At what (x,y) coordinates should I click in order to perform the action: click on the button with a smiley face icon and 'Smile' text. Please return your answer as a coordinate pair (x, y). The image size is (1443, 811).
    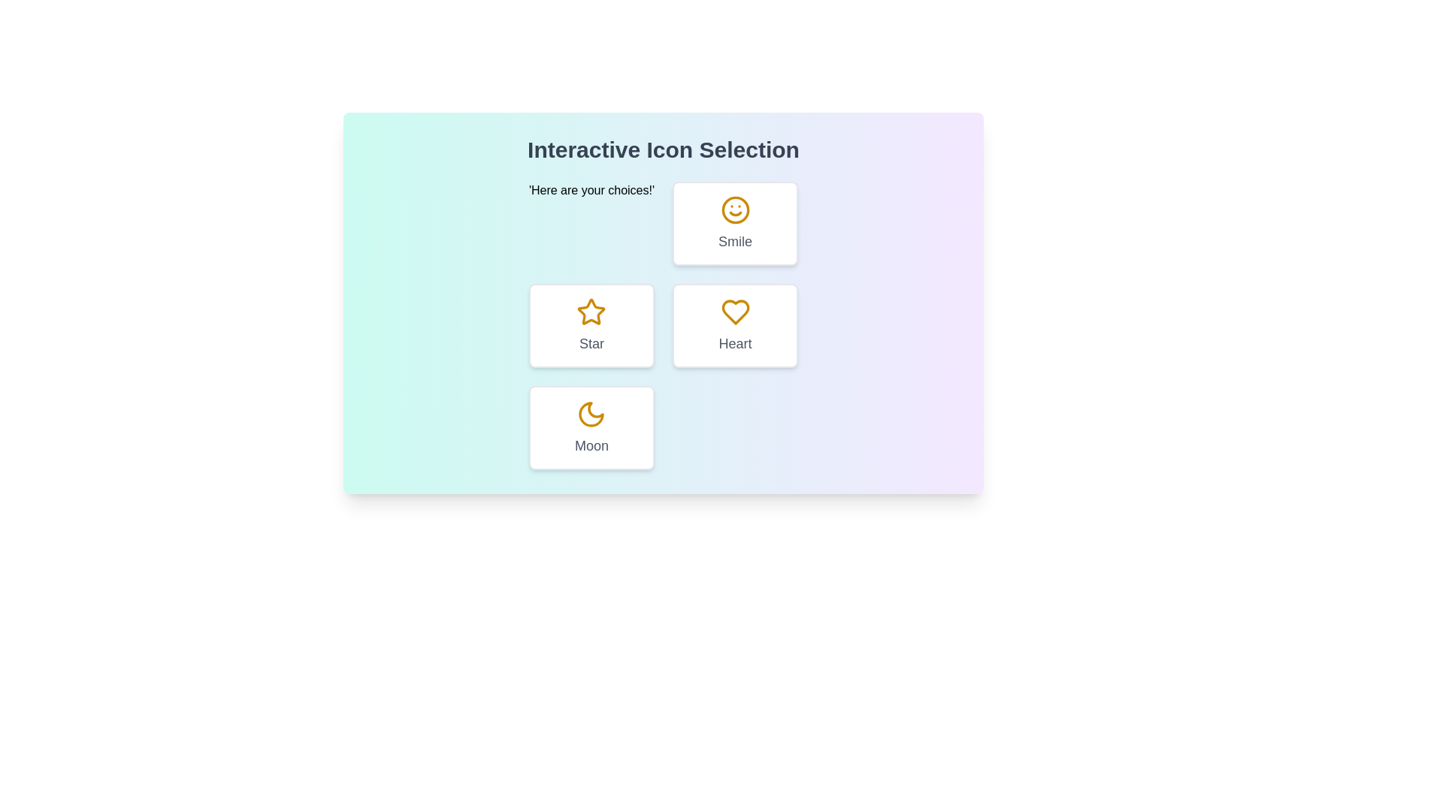
    Looking at the image, I should click on (735, 223).